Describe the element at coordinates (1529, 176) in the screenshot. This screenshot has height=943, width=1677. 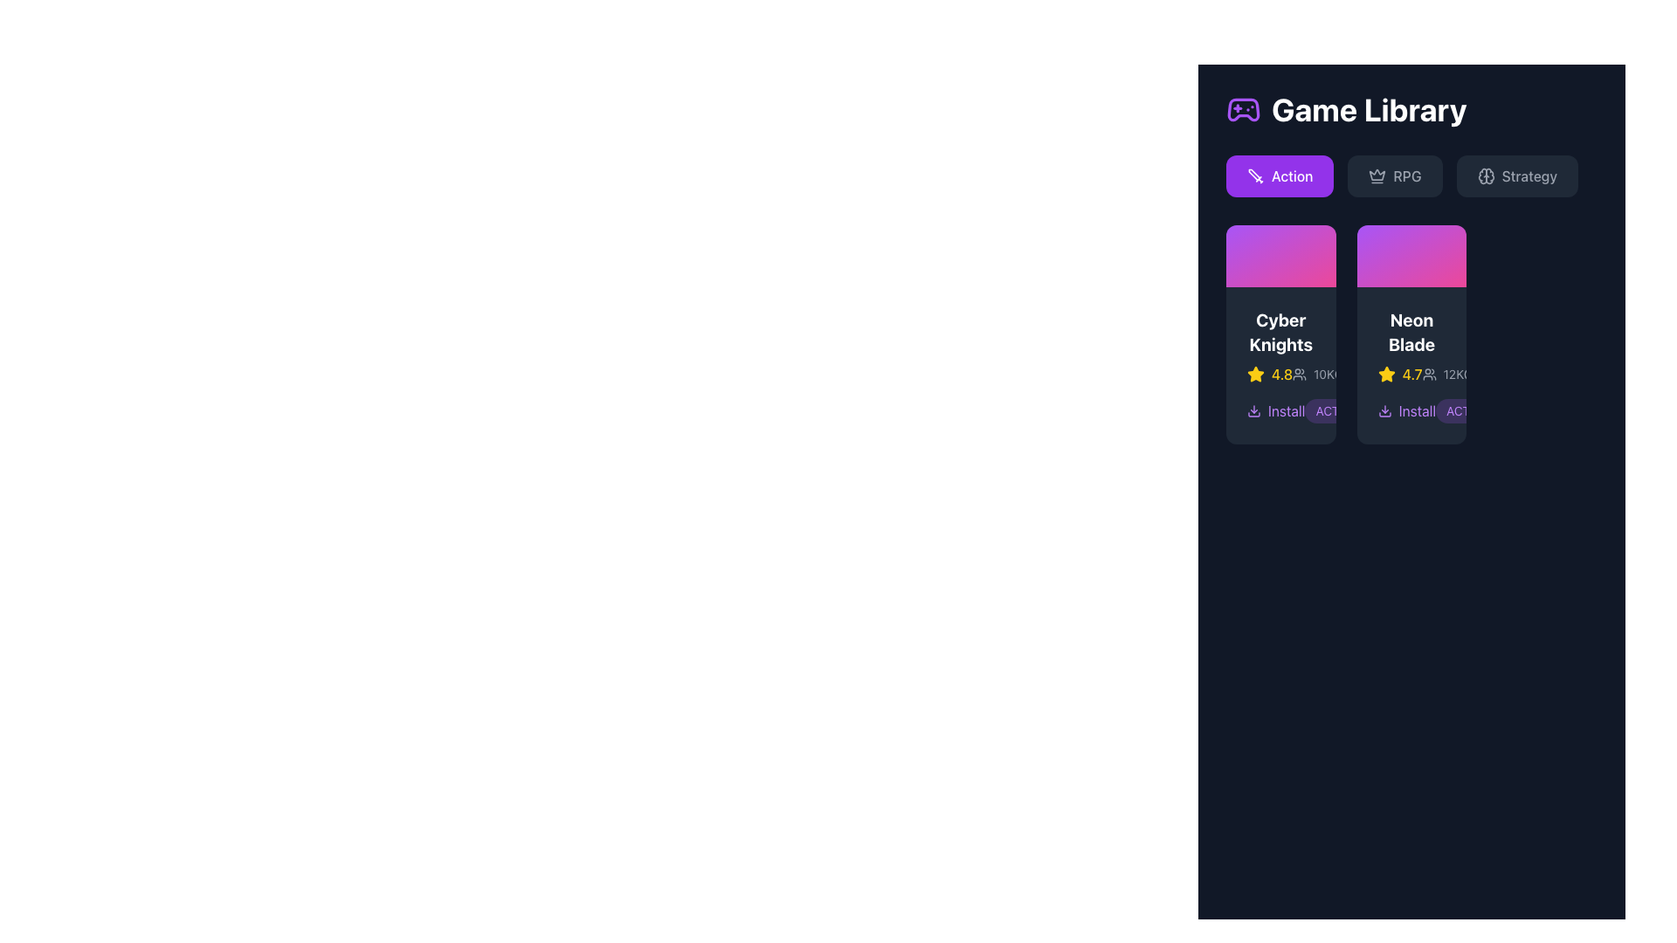
I see `the text label displaying 'Strategy' which is the third option in a horizontal row of selectable categories located at the top-right corner of the 'Game Library' section` at that location.